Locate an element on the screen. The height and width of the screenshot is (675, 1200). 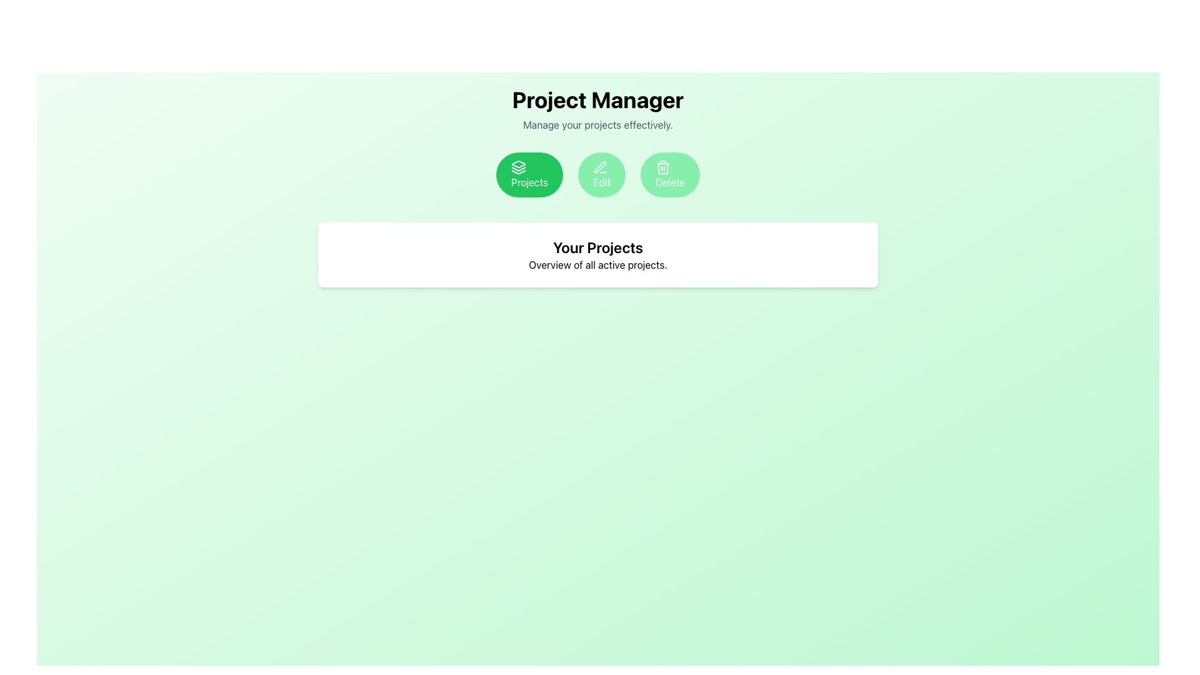
the 'Edit' action icon located within the 'Edit' button in the 'Project Manager' section is located at coordinates (601, 166).